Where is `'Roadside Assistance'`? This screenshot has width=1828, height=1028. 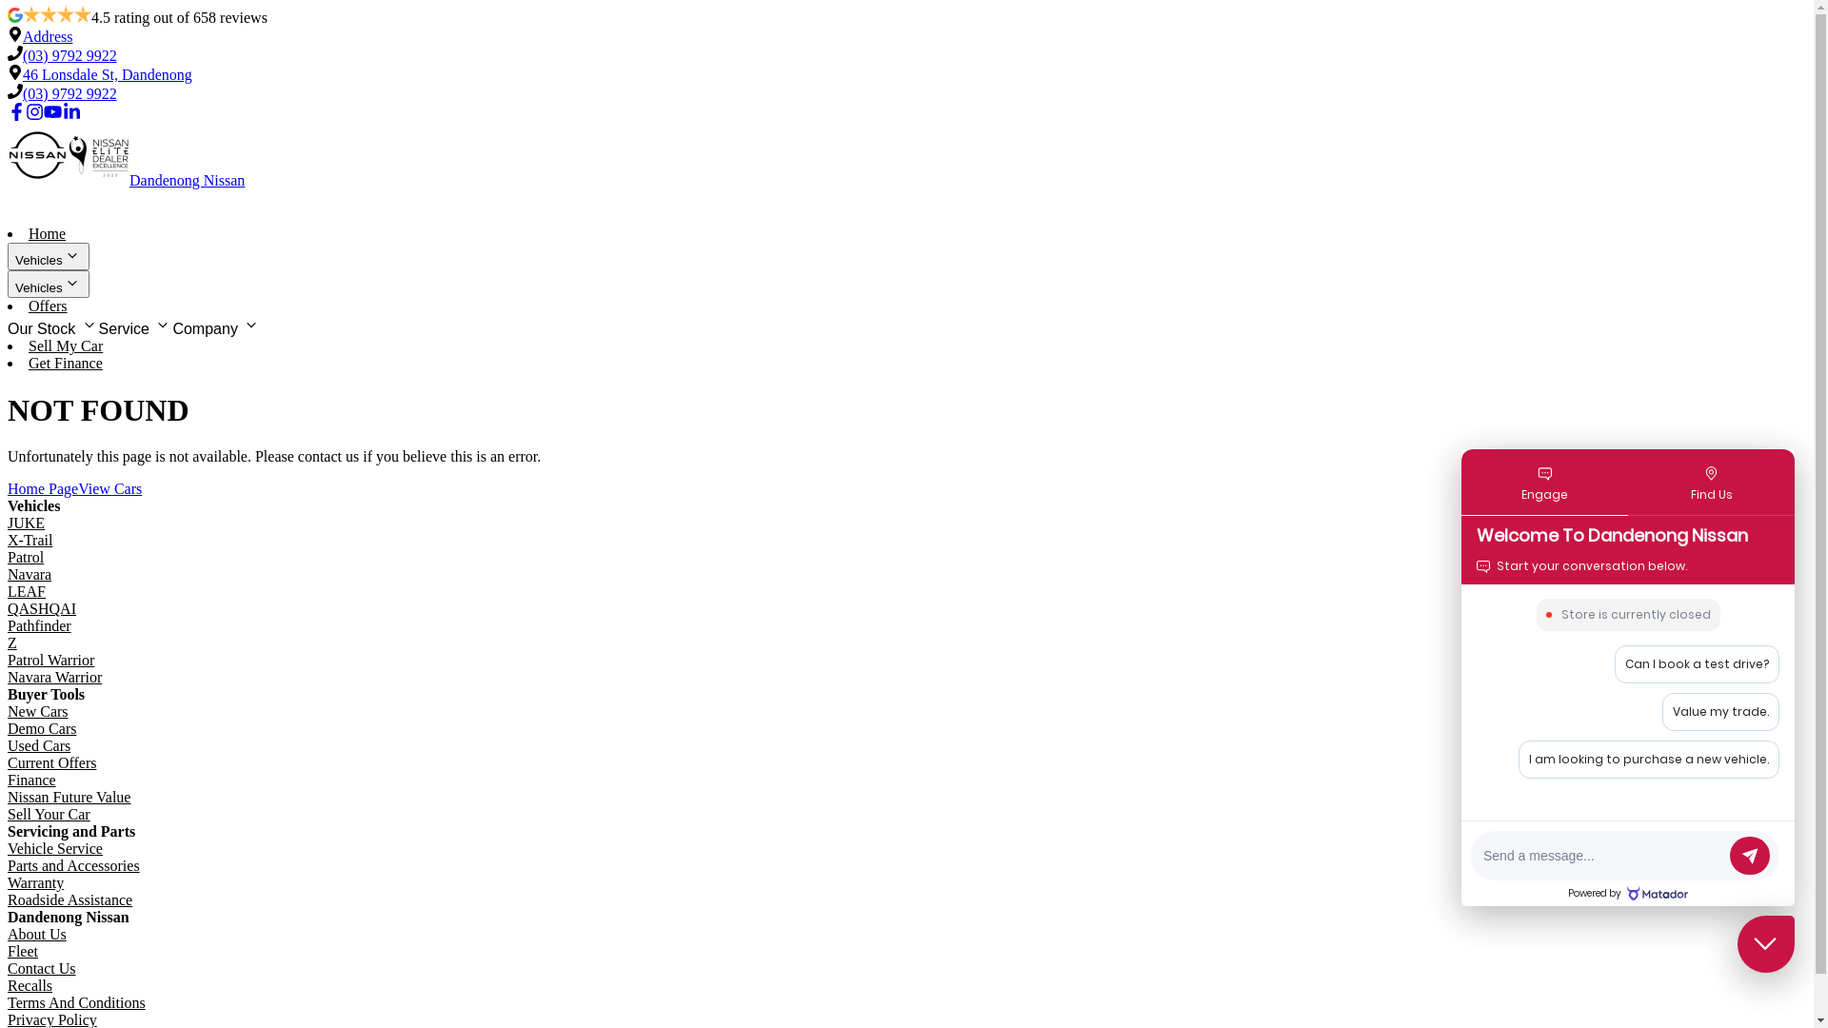
'Roadside Assistance' is located at coordinates (70, 899).